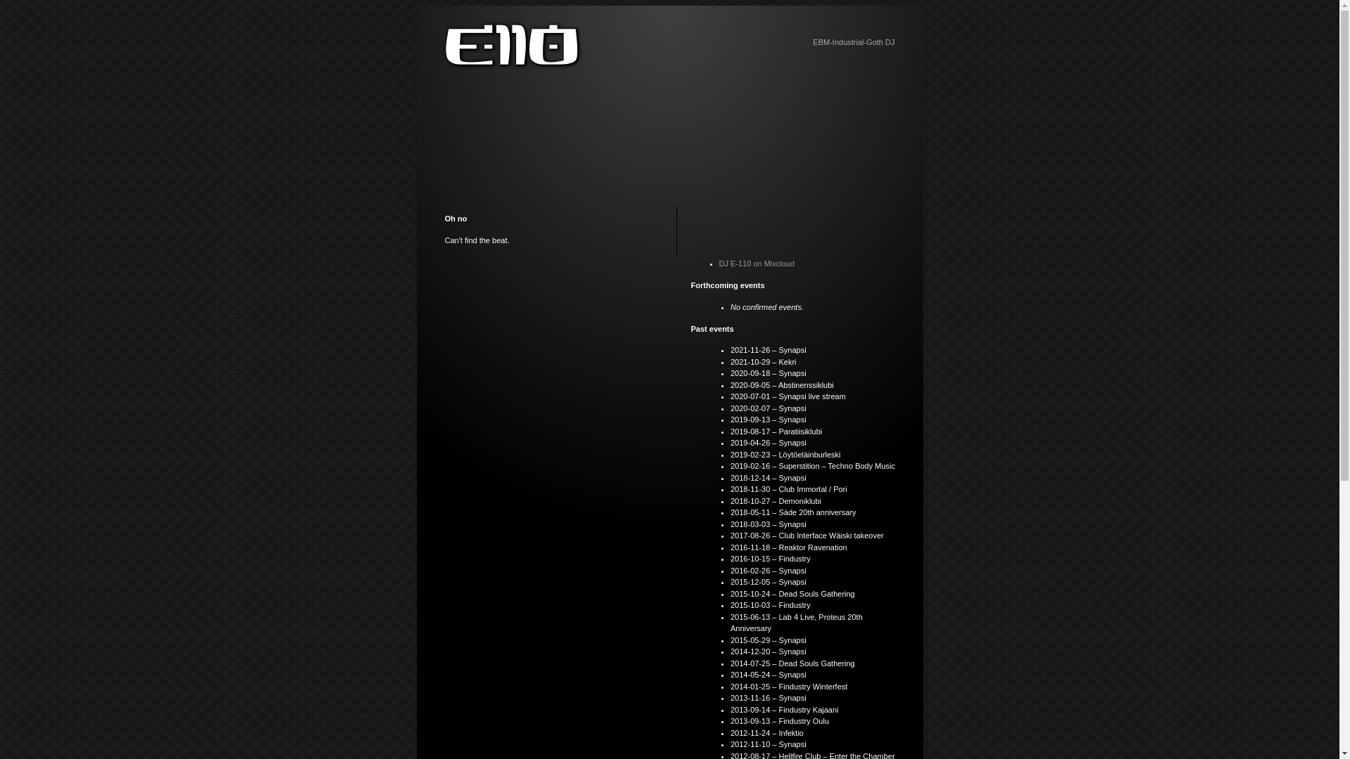 This screenshot has width=1350, height=759. What do you see at coordinates (755, 263) in the screenshot?
I see `'DJ E-110 on Mixcloud'` at bounding box center [755, 263].